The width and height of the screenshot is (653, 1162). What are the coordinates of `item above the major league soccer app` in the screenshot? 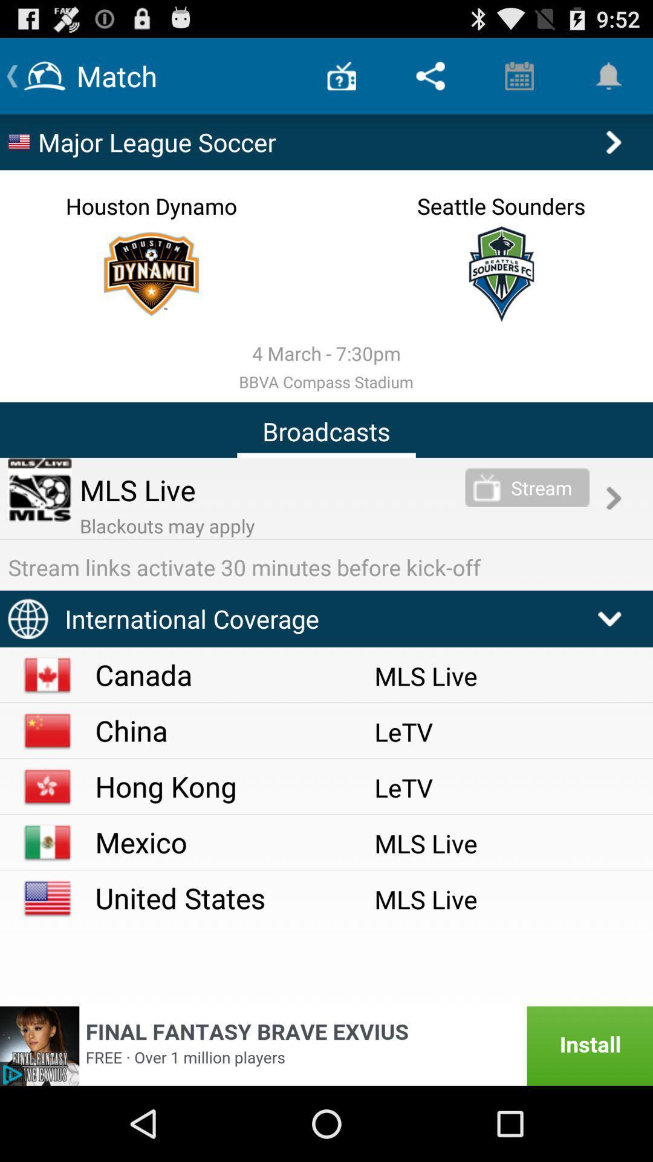 It's located at (430, 75).